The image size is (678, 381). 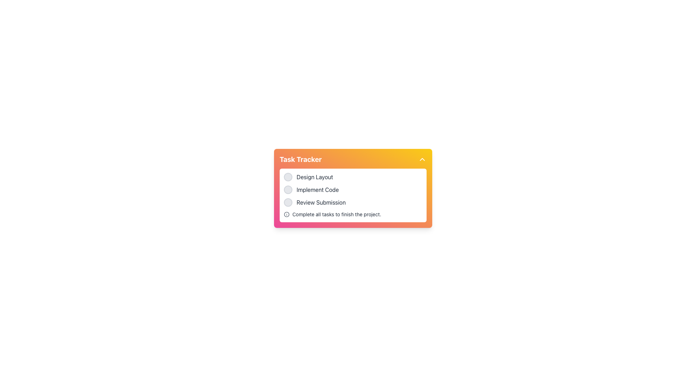 I want to click on the minimize button located in the top-right corner of the 'Task Tracker' panel, so click(x=422, y=159).